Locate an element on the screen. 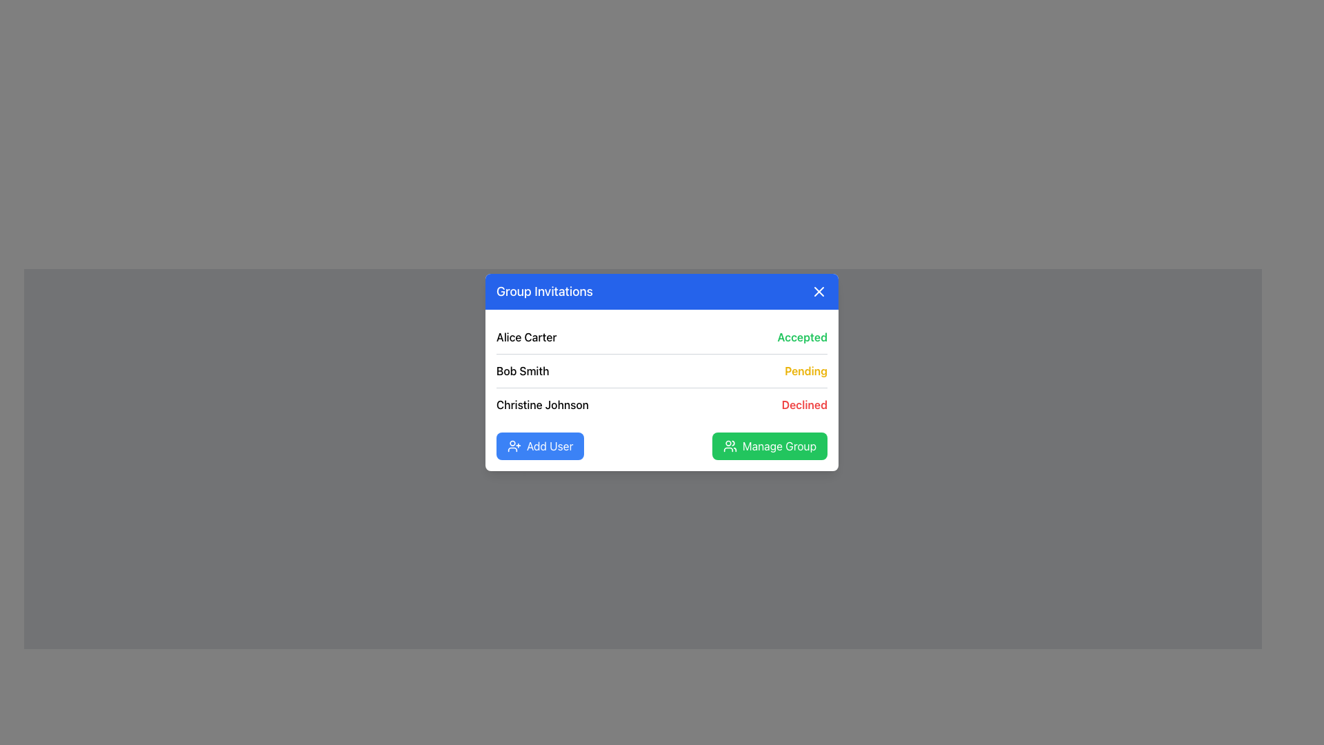  the 'Add User' icon located to the left inside the 'Add User' button at the bottom-left of the 'Group Invitations' panel is located at coordinates (513, 446).